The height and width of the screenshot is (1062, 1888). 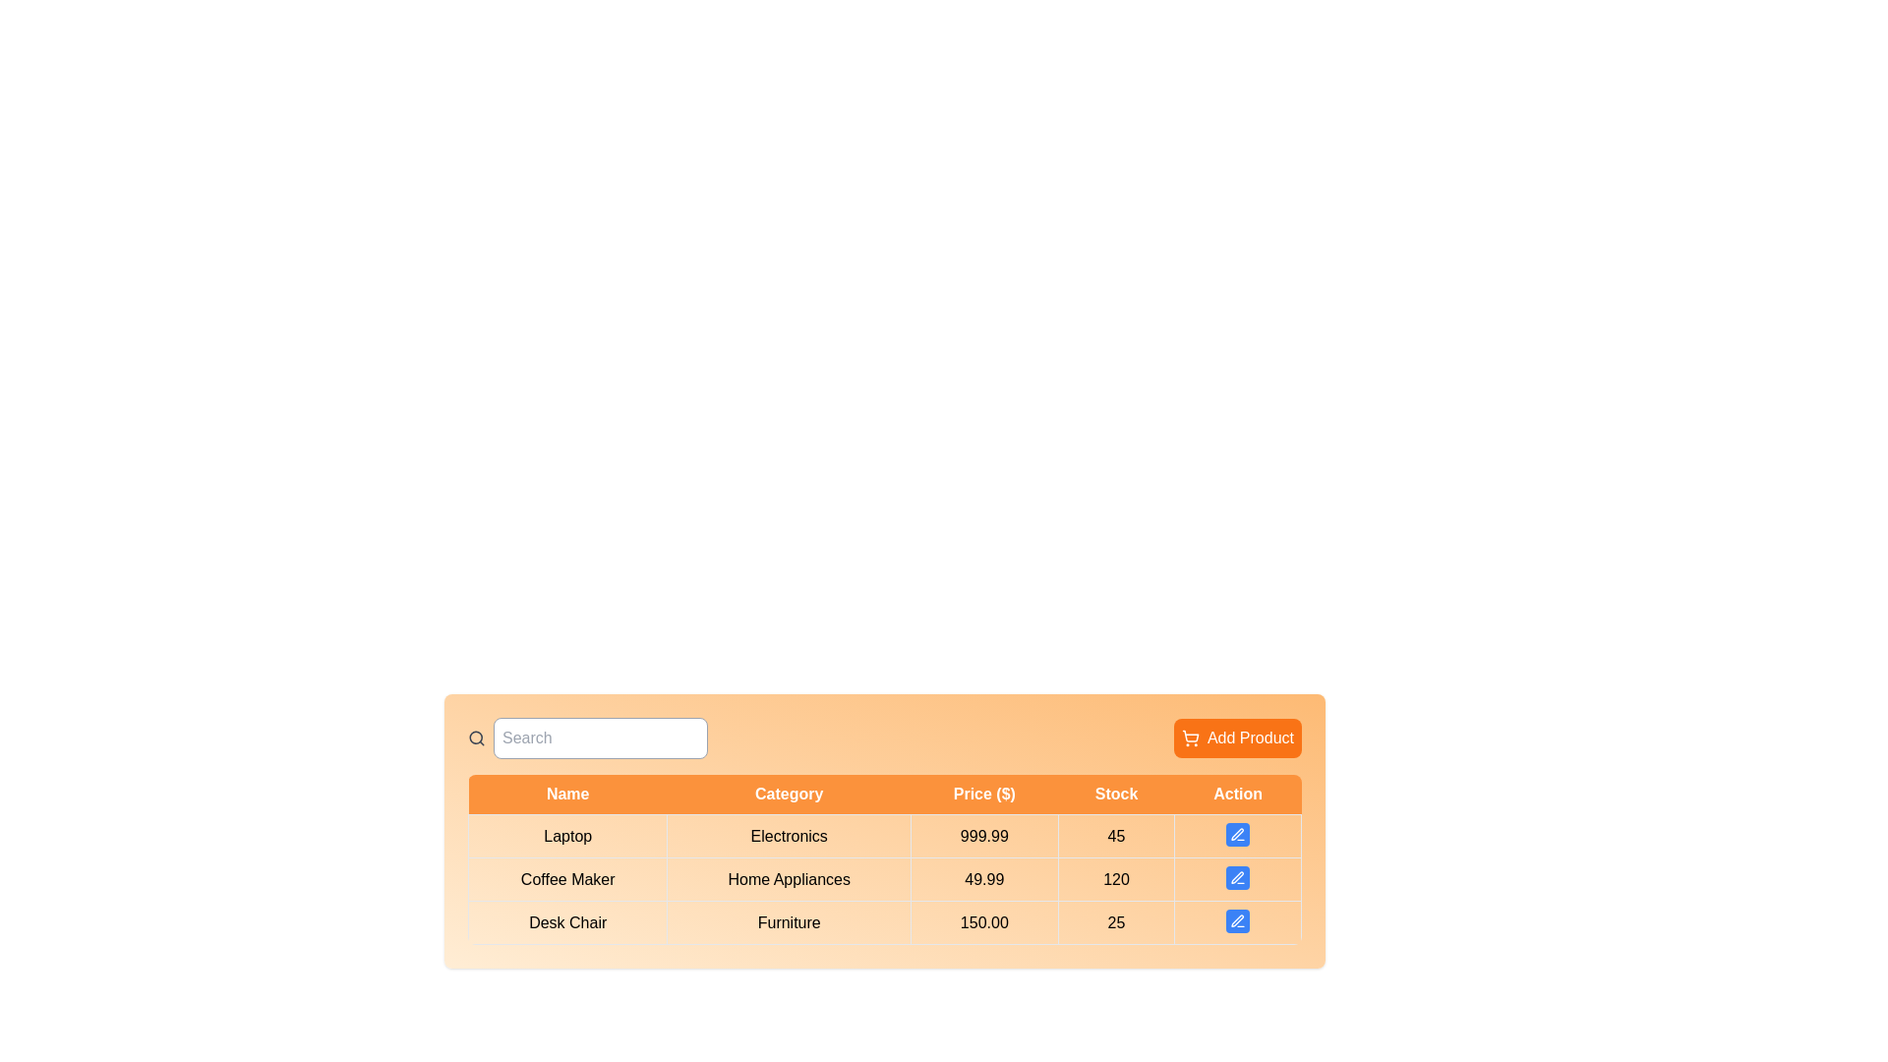 What do you see at coordinates (1236, 876) in the screenshot?
I see `the pencil icon in the second row of the action column` at bounding box center [1236, 876].